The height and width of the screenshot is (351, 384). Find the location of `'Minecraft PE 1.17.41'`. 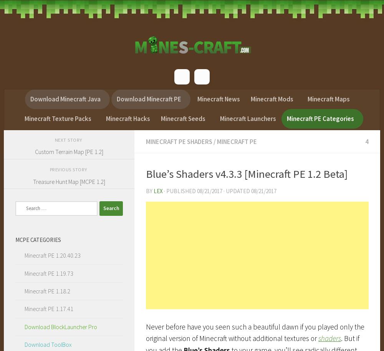

'Minecraft PE 1.17.41' is located at coordinates (48, 308).